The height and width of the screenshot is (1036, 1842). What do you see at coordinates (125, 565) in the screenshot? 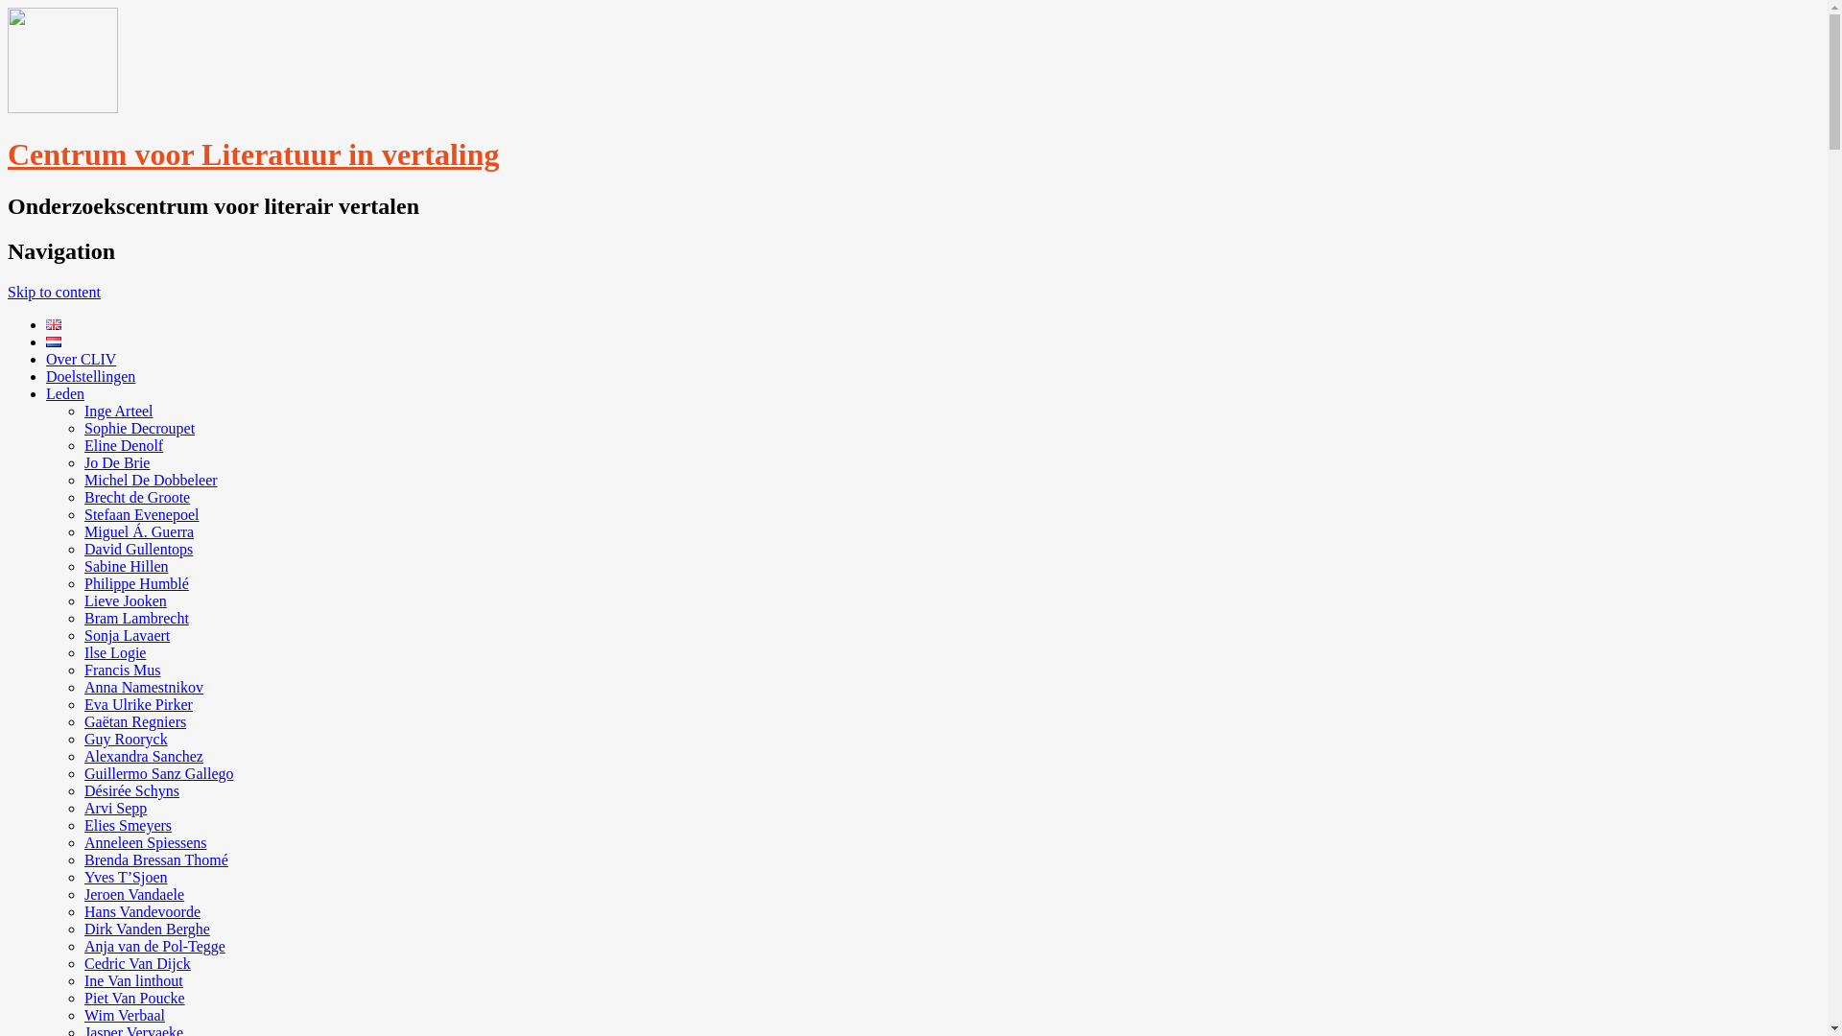
I see `'Sabine Hillen'` at bounding box center [125, 565].